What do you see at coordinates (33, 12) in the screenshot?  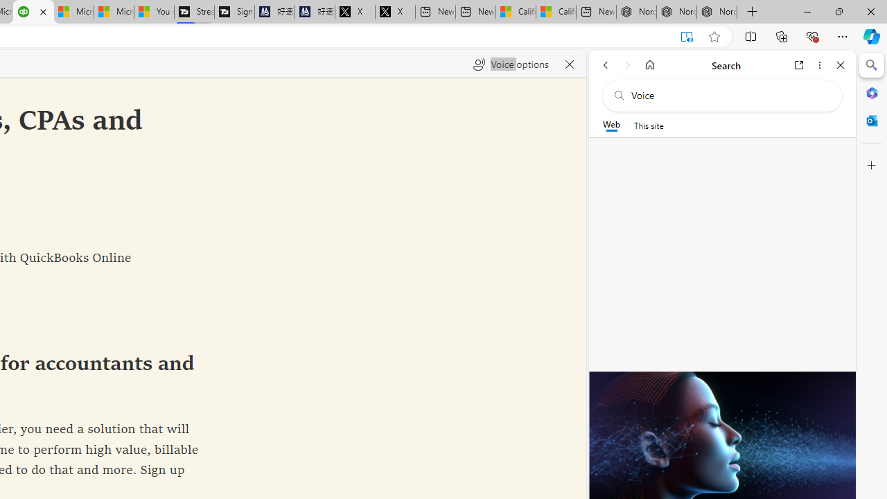 I see `'Accounting Software for Accountants, CPAs and Bookkeepers'` at bounding box center [33, 12].